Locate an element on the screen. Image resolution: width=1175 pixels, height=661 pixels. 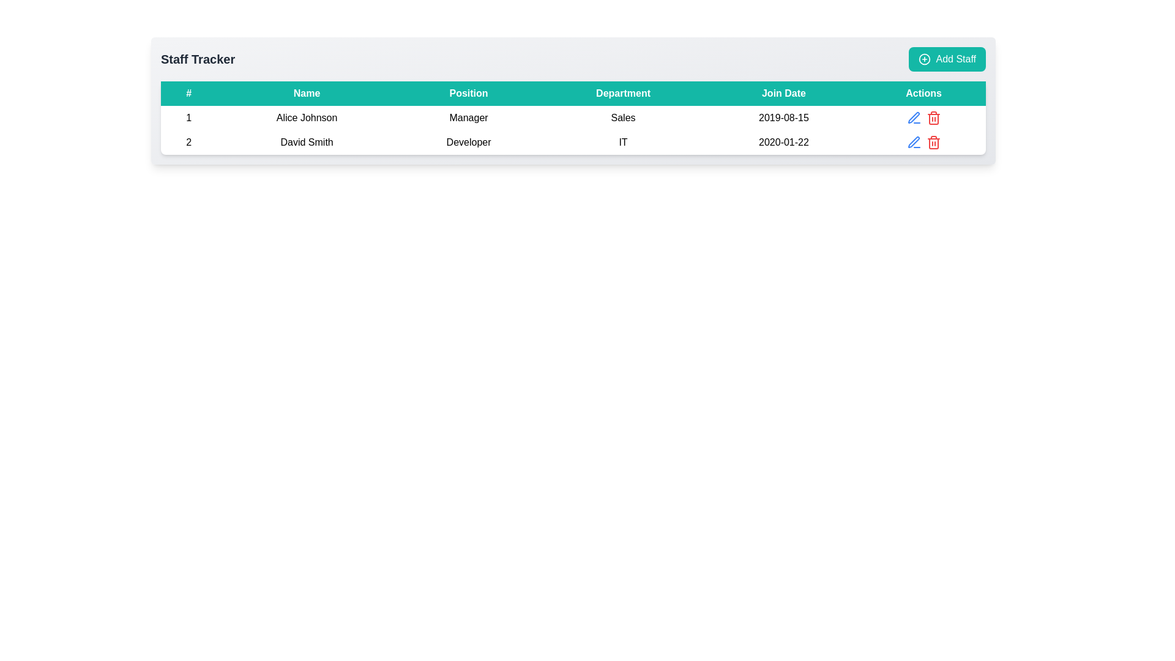
the 'Position' table header, which is the third column header with a turquoise background and white text, positioned between 'Name' and 'Department' is located at coordinates (468, 93).